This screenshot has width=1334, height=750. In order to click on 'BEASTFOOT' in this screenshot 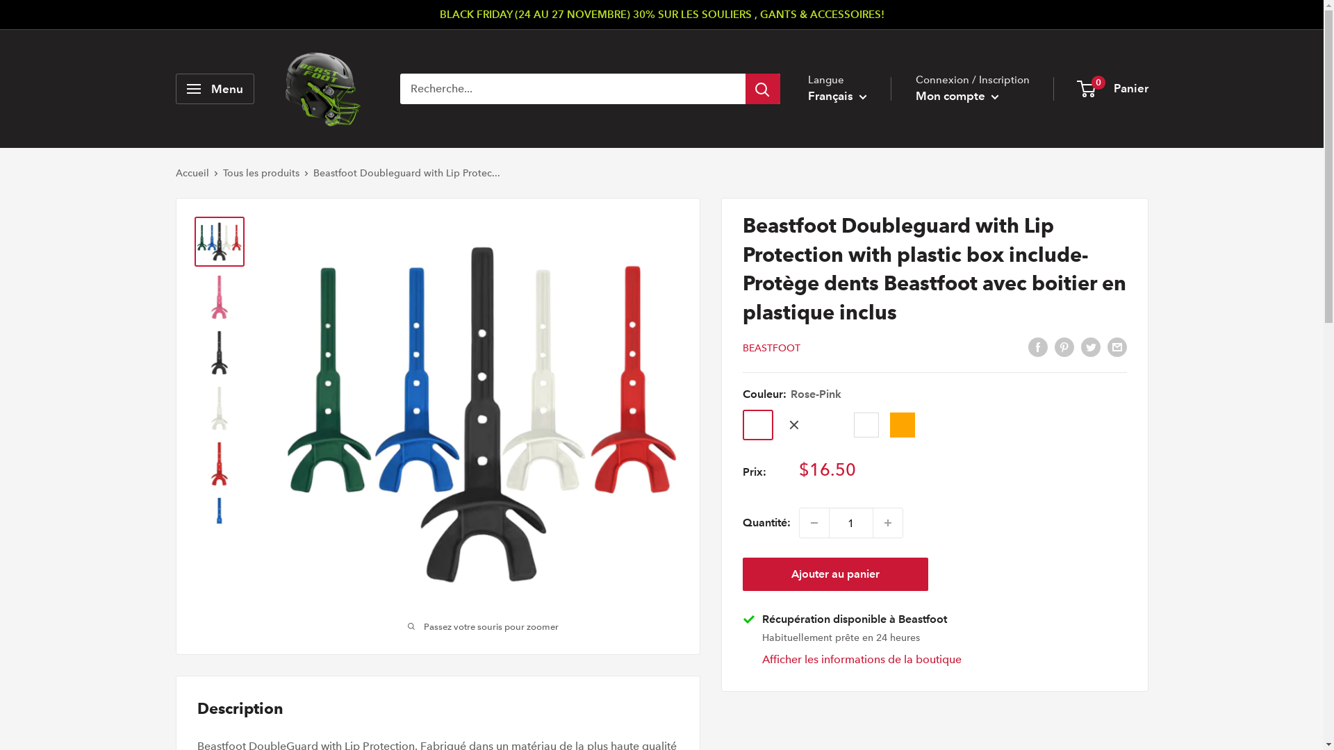, I will do `click(770, 347)`.